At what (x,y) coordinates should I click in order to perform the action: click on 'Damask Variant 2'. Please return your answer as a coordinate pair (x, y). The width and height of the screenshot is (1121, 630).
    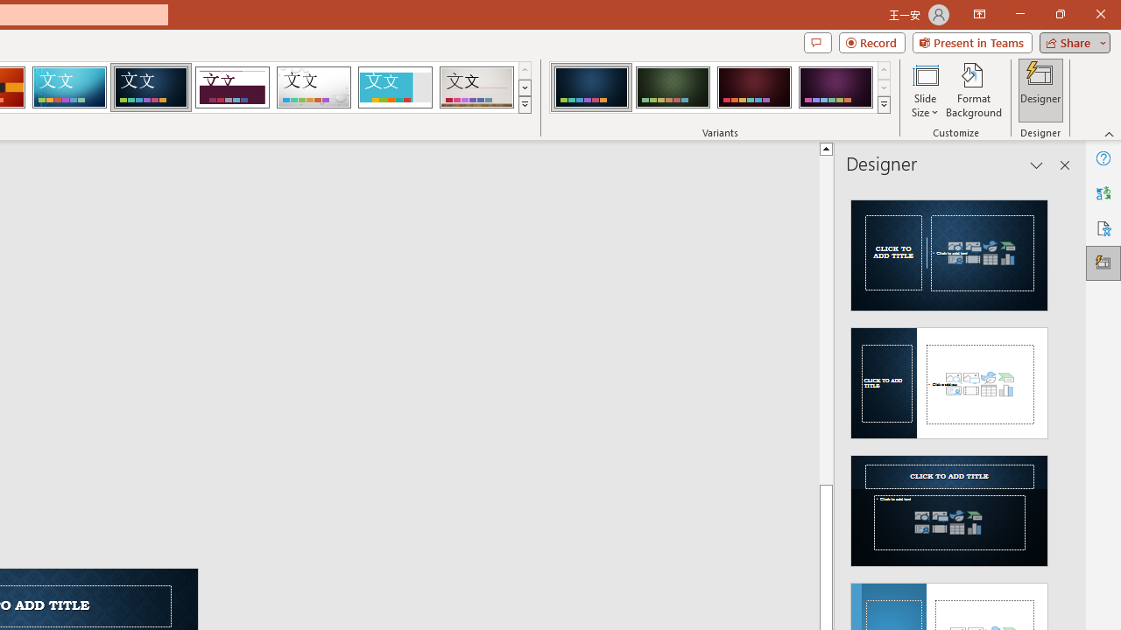
    Looking at the image, I should click on (672, 87).